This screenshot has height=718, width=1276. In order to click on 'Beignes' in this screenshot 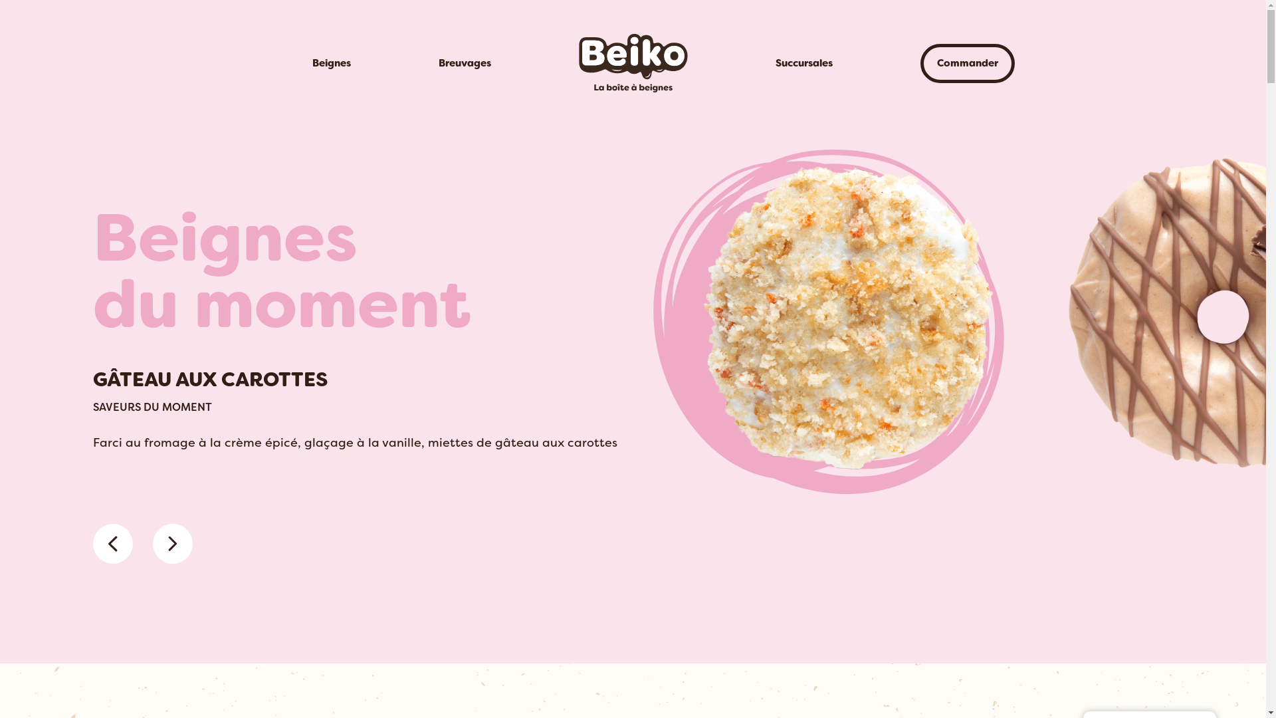, I will do `click(331, 63)`.